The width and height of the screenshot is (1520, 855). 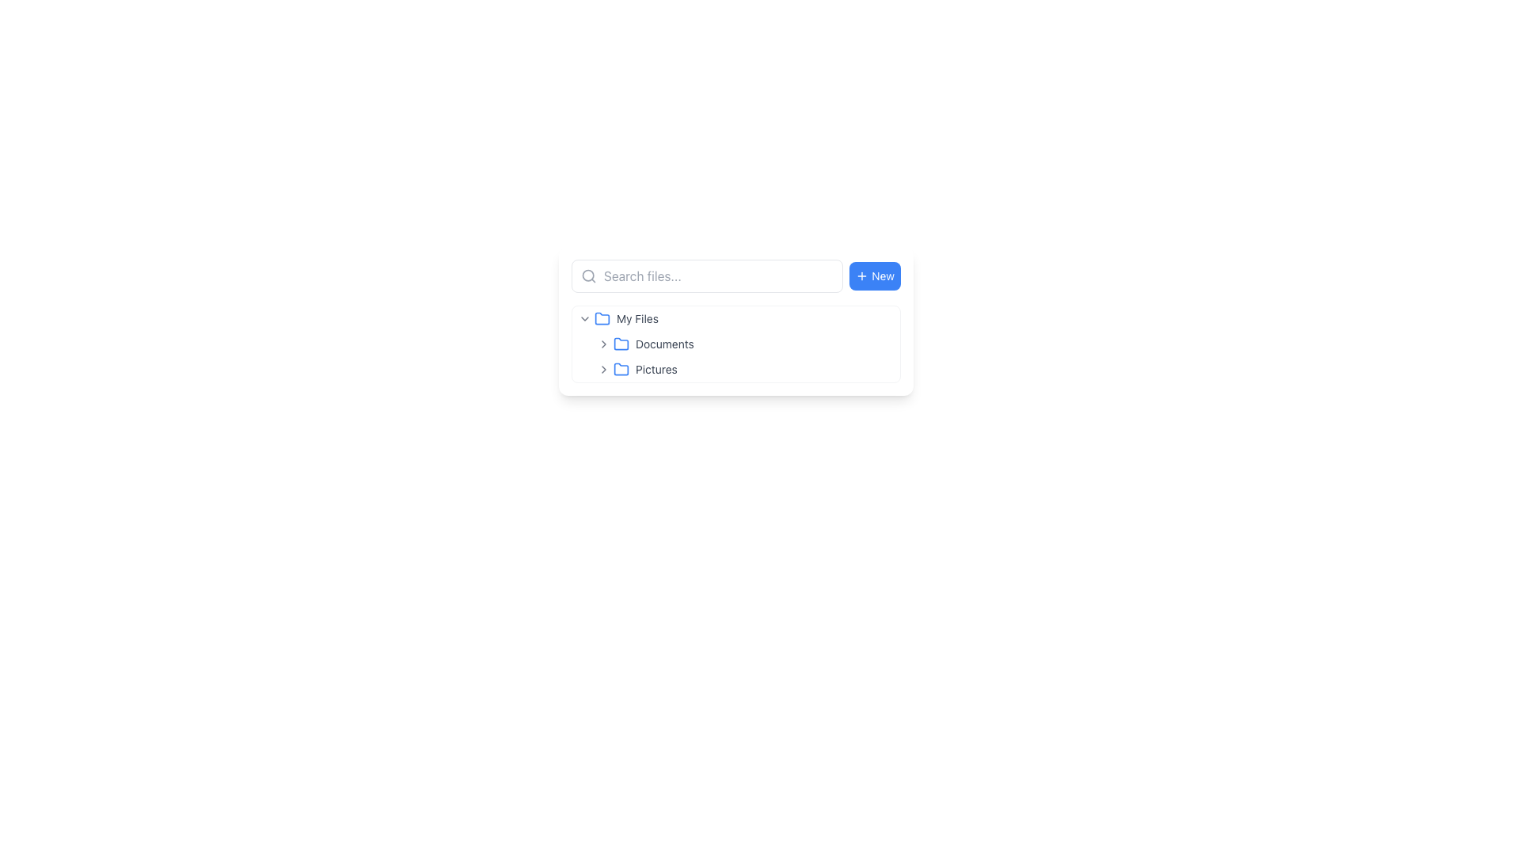 What do you see at coordinates (735, 344) in the screenshot?
I see `the second item in the hierarchical file list, which is an Option item positioned below 'My Files' and above 'Pictures'` at bounding box center [735, 344].